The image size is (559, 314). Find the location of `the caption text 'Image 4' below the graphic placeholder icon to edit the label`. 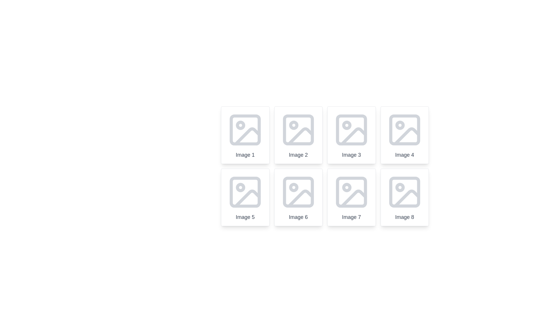

the caption text 'Image 4' below the graphic placeholder icon to edit the label is located at coordinates (404, 135).